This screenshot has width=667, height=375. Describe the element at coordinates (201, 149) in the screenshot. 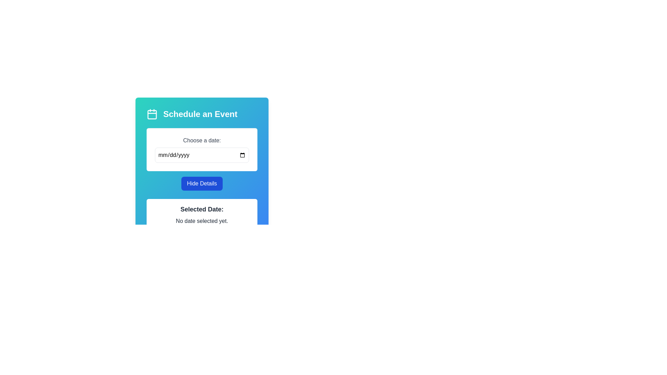

I see `the Date Input Field` at that location.